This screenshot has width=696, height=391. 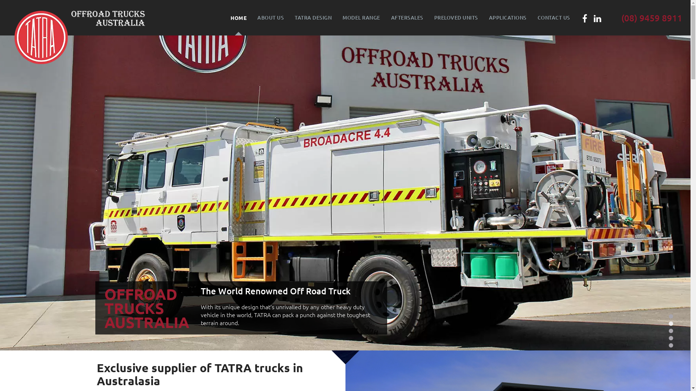 What do you see at coordinates (108, 17) in the screenshot?
I see `'Offroad Trucks Australia'` at bounding box center [108, 17].